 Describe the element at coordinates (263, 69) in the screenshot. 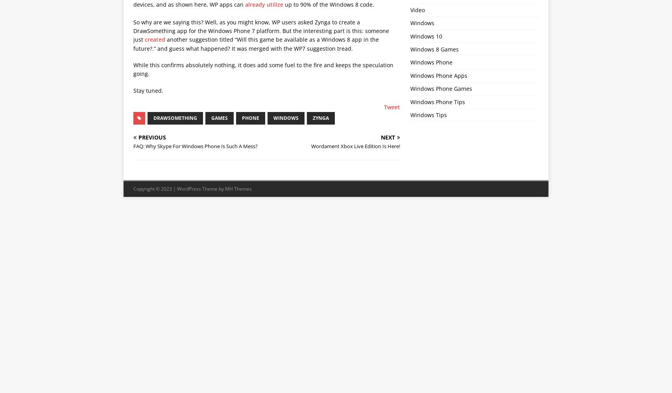

I see `'While this confirms absolutely nothing, it does add some fuel to the fire and keeps the speculation going.'` at that location.